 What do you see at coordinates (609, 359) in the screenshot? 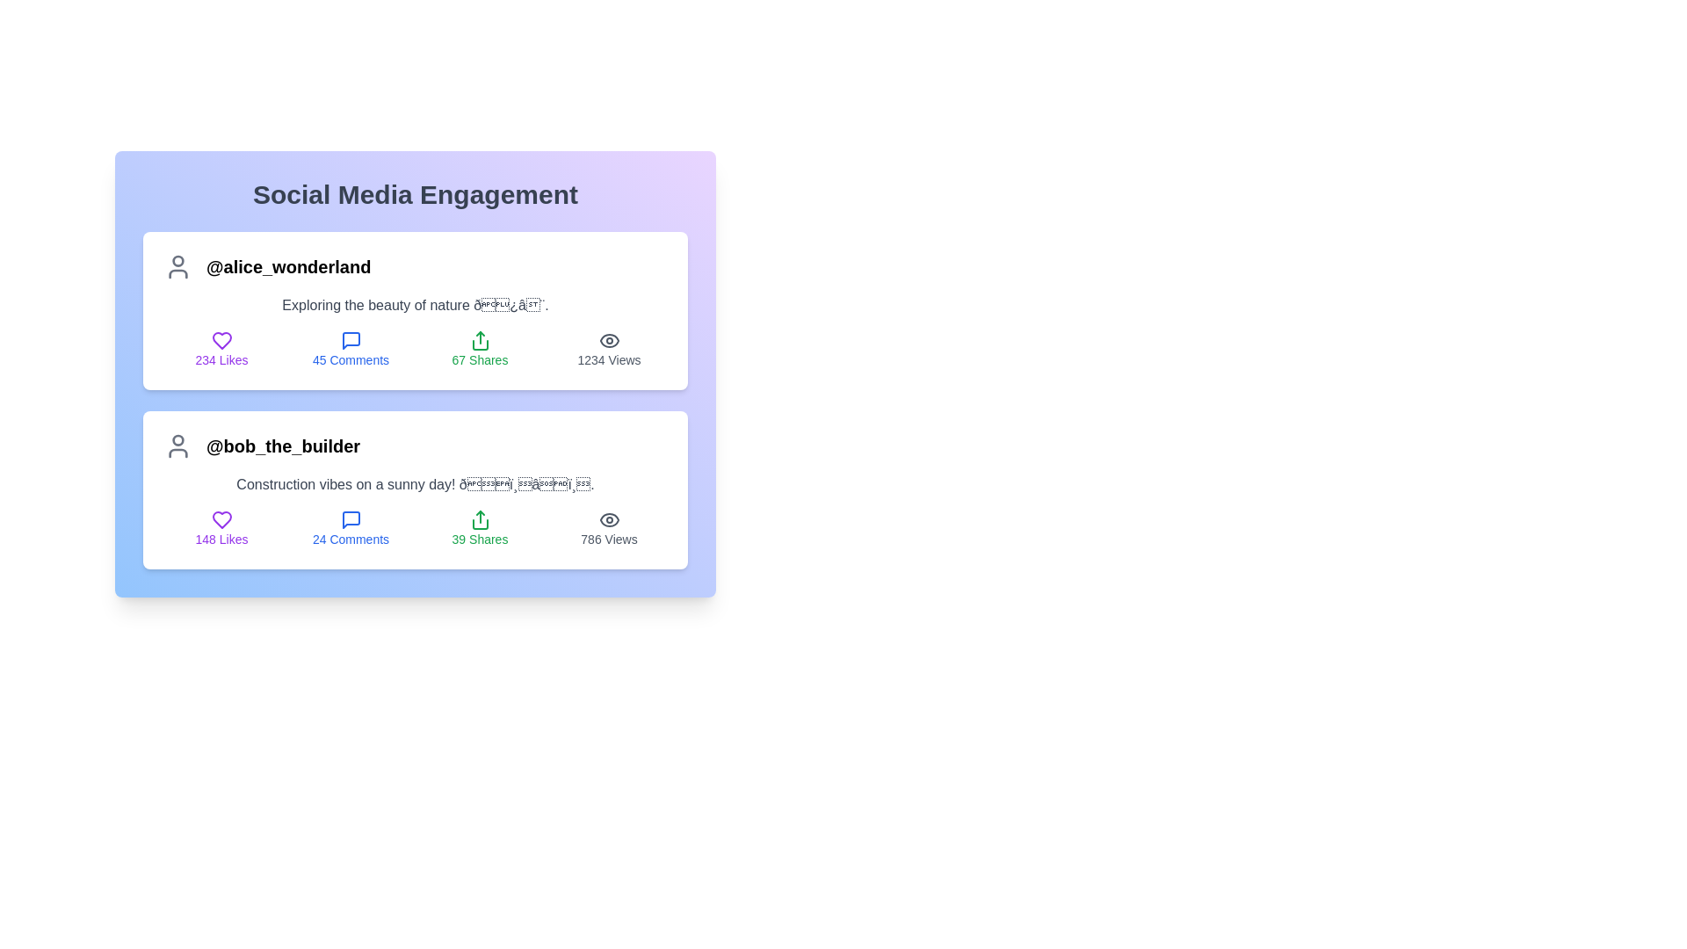
I see `the views label displaying '1234' located at the bottom of the first content card in the statistics section for more details if interactive features are enabled` at bounding box center [609, 359].